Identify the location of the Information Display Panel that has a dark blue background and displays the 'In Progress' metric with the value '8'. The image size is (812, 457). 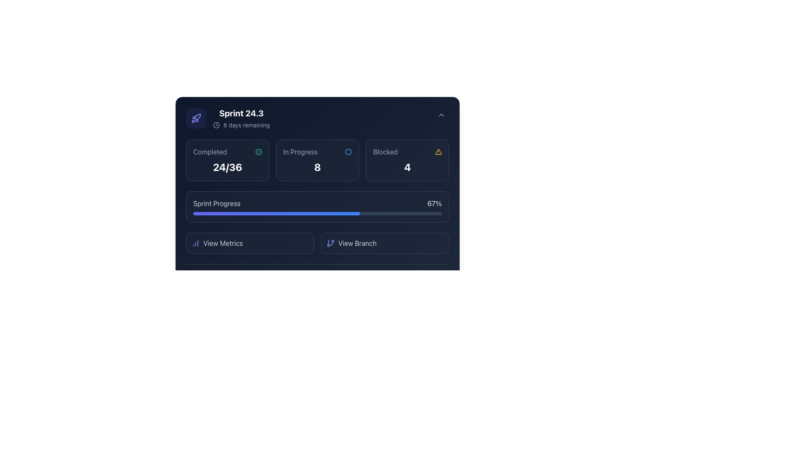
(347, 178).